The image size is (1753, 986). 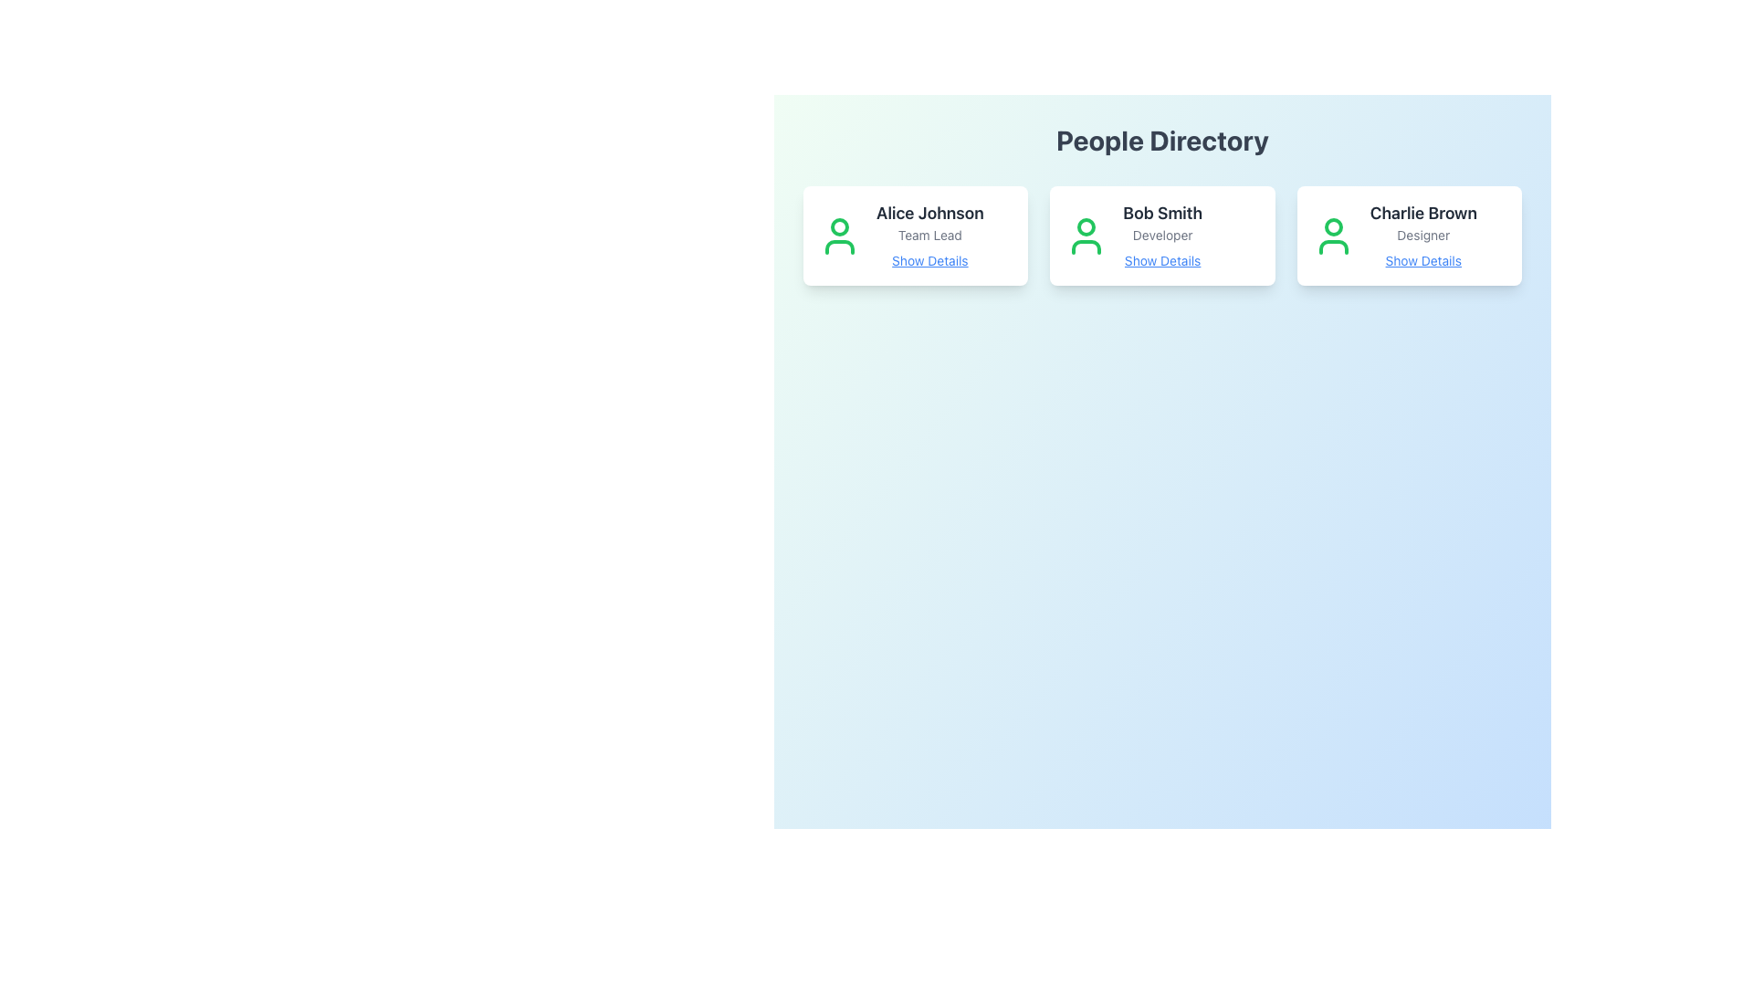 I want to click on the bottom component of the user profile icon in the third card labeled 'Charlie Brown' within the 'People Directory' section, so click(x=1333, y=246).